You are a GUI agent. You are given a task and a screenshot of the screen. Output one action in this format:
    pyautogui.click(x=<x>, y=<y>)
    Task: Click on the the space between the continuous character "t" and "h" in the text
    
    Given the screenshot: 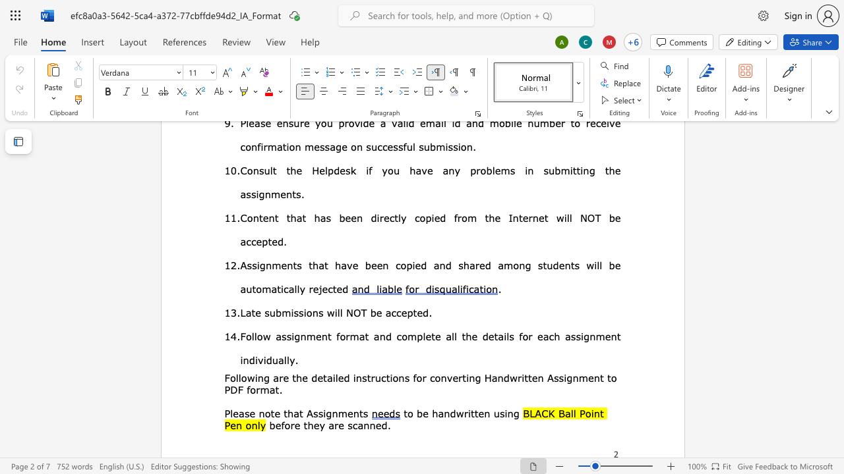 What is the action you would take?
    pyautogui.click(x=312, y=265)
    